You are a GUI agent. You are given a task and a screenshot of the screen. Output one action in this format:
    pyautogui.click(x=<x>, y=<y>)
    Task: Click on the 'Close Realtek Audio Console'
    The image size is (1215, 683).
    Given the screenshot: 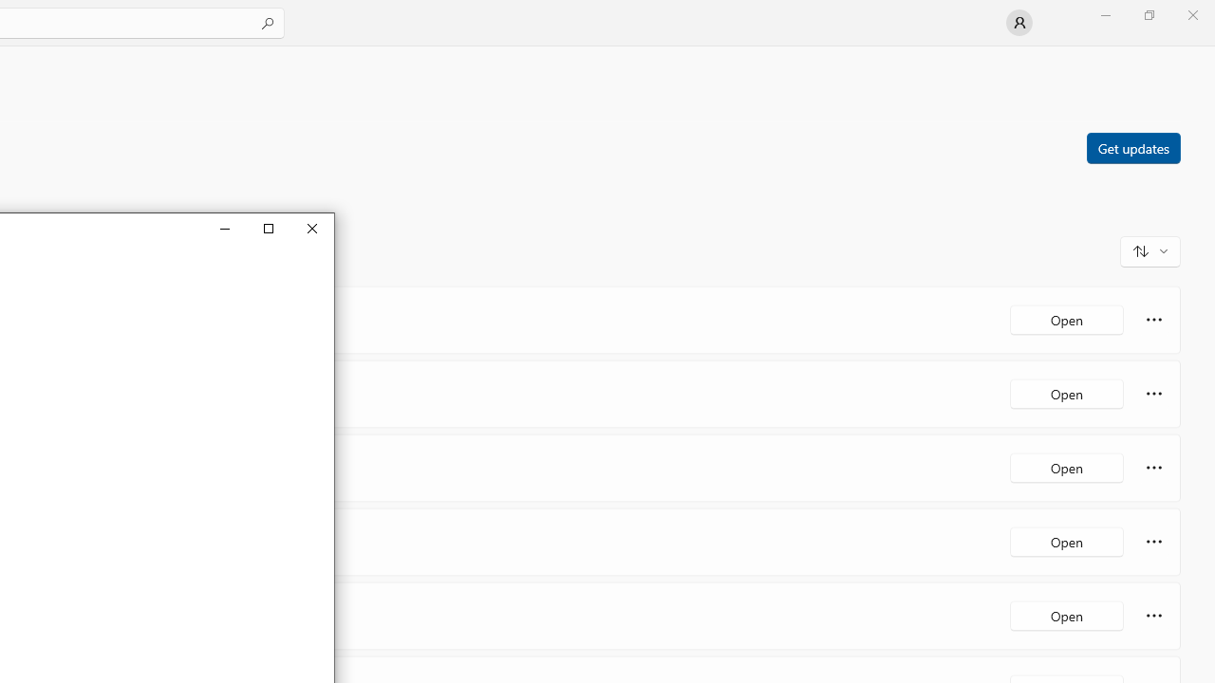 What is the action you would take?
    pyautogui.click(x=311, y=227)
    